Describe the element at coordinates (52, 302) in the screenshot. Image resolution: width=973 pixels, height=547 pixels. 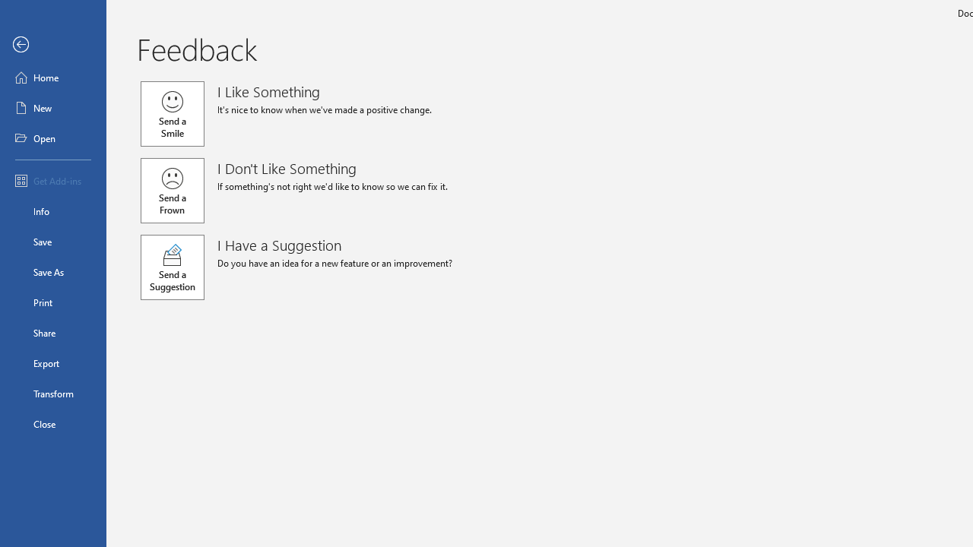
I see `'Print'` at that location.